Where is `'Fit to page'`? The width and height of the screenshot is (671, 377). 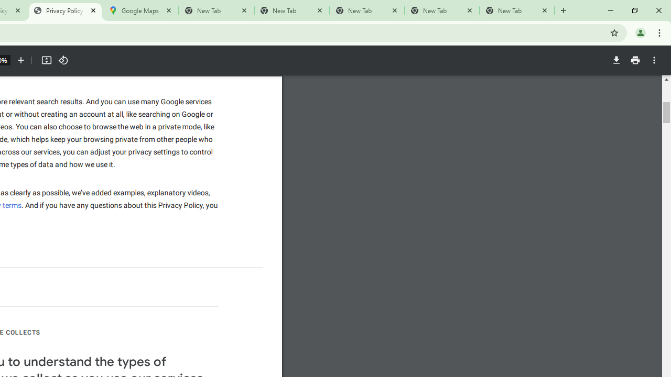 'Fit to page' is located at coordinates (46, 60).